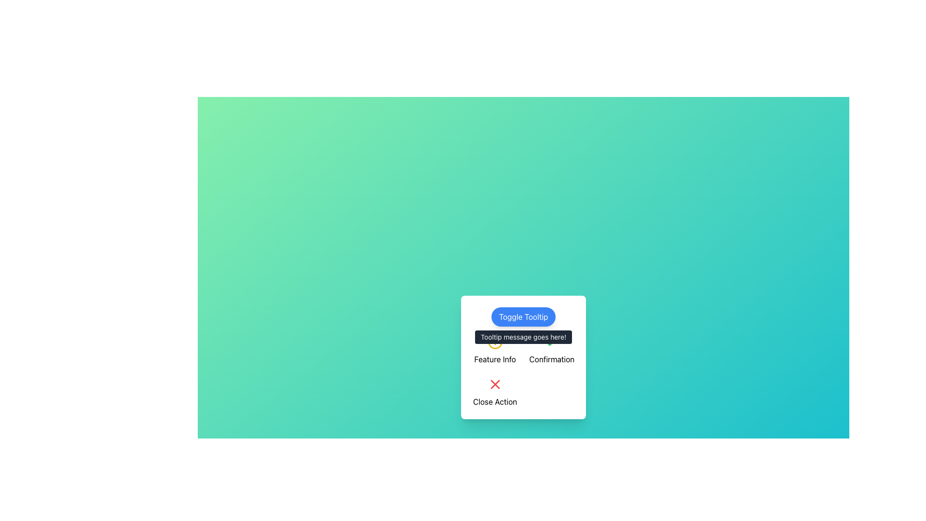 The image size is (926, 521). I want to click on the tooltip with a dark gray background that displays the text 'Tooltip message goes here!', which is located directly below the 'Toggle Tooltip' button, so click(523, 336).